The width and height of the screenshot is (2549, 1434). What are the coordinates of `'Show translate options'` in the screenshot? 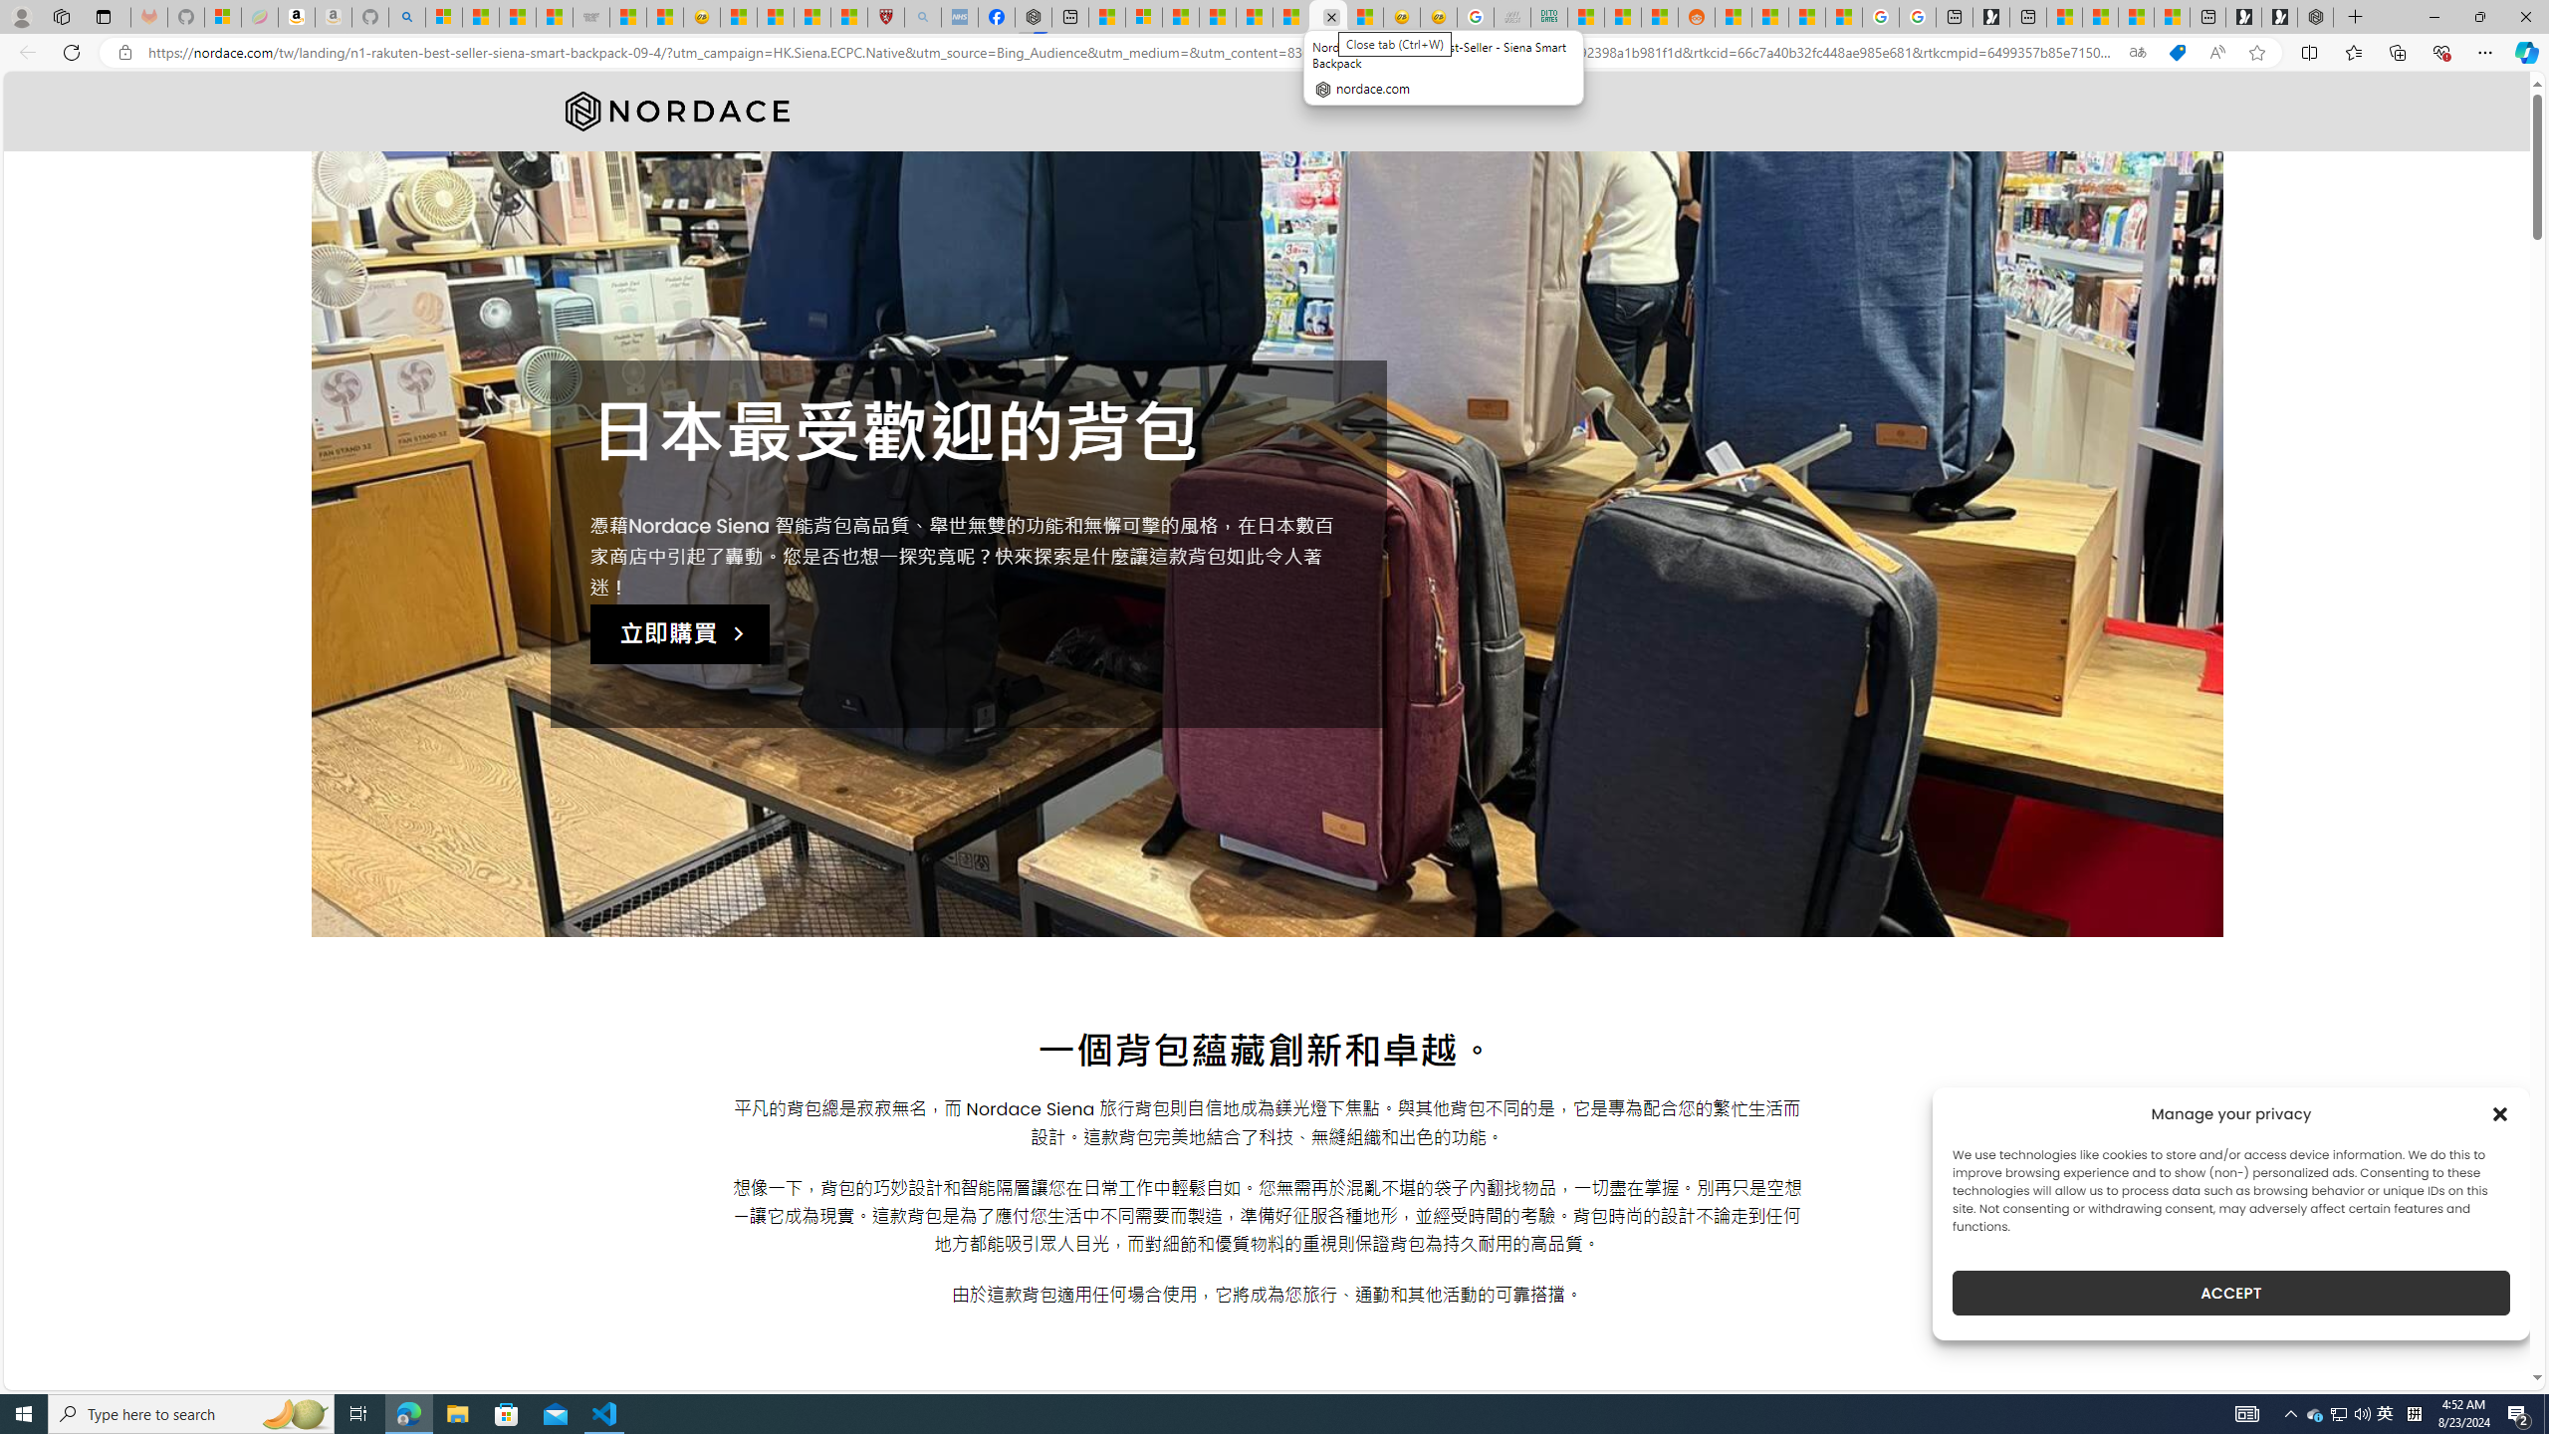 It's located at (2136, 53).